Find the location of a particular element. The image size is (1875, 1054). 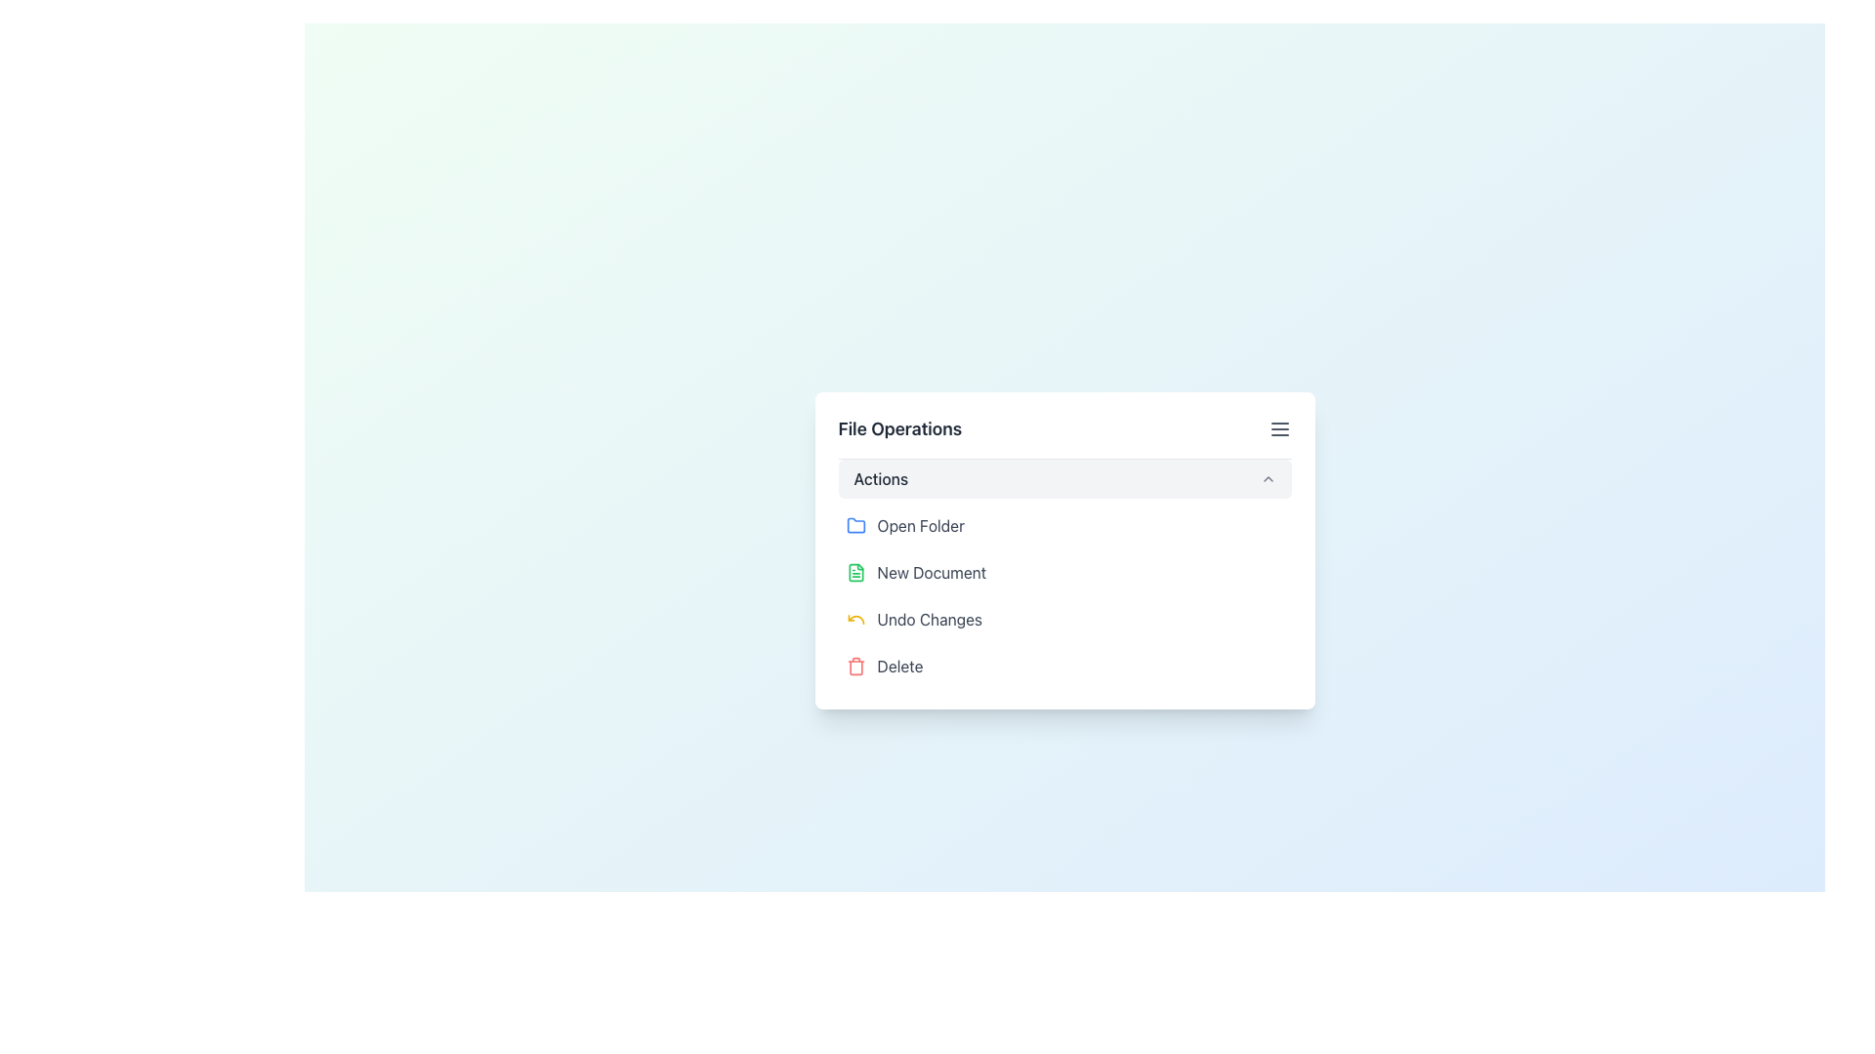

the Dropdown button labeled 'Actions' is located at coordinates (1063, 478).